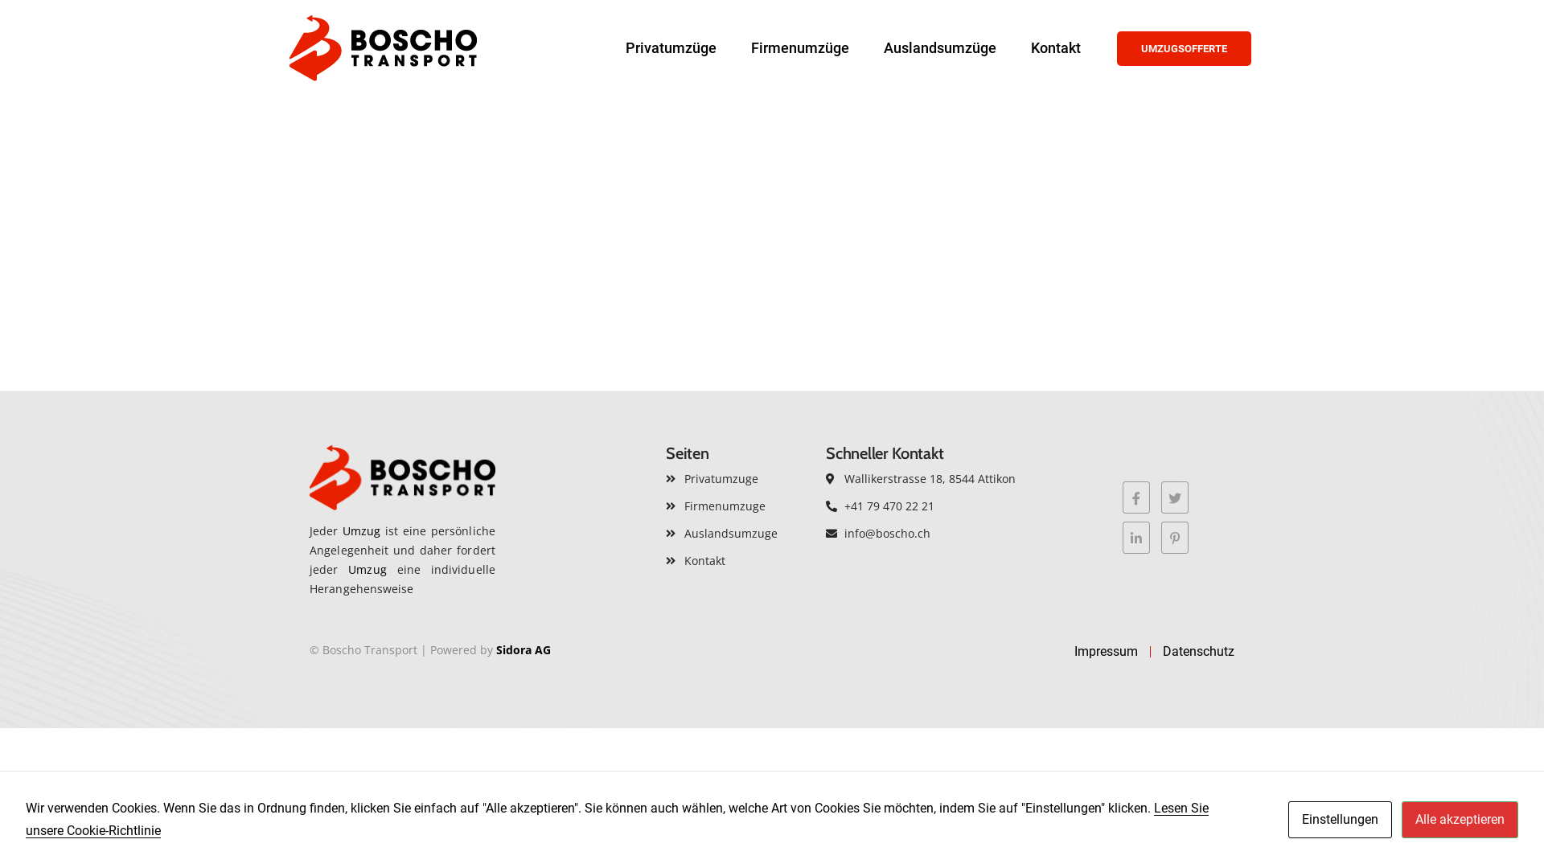 Image resolution: width=1544 pixels, height=868 pixels. What do you see at coordinates (366, 568) in the screenshot?
I see `'Umzug'` at bounding box center [366, 568].